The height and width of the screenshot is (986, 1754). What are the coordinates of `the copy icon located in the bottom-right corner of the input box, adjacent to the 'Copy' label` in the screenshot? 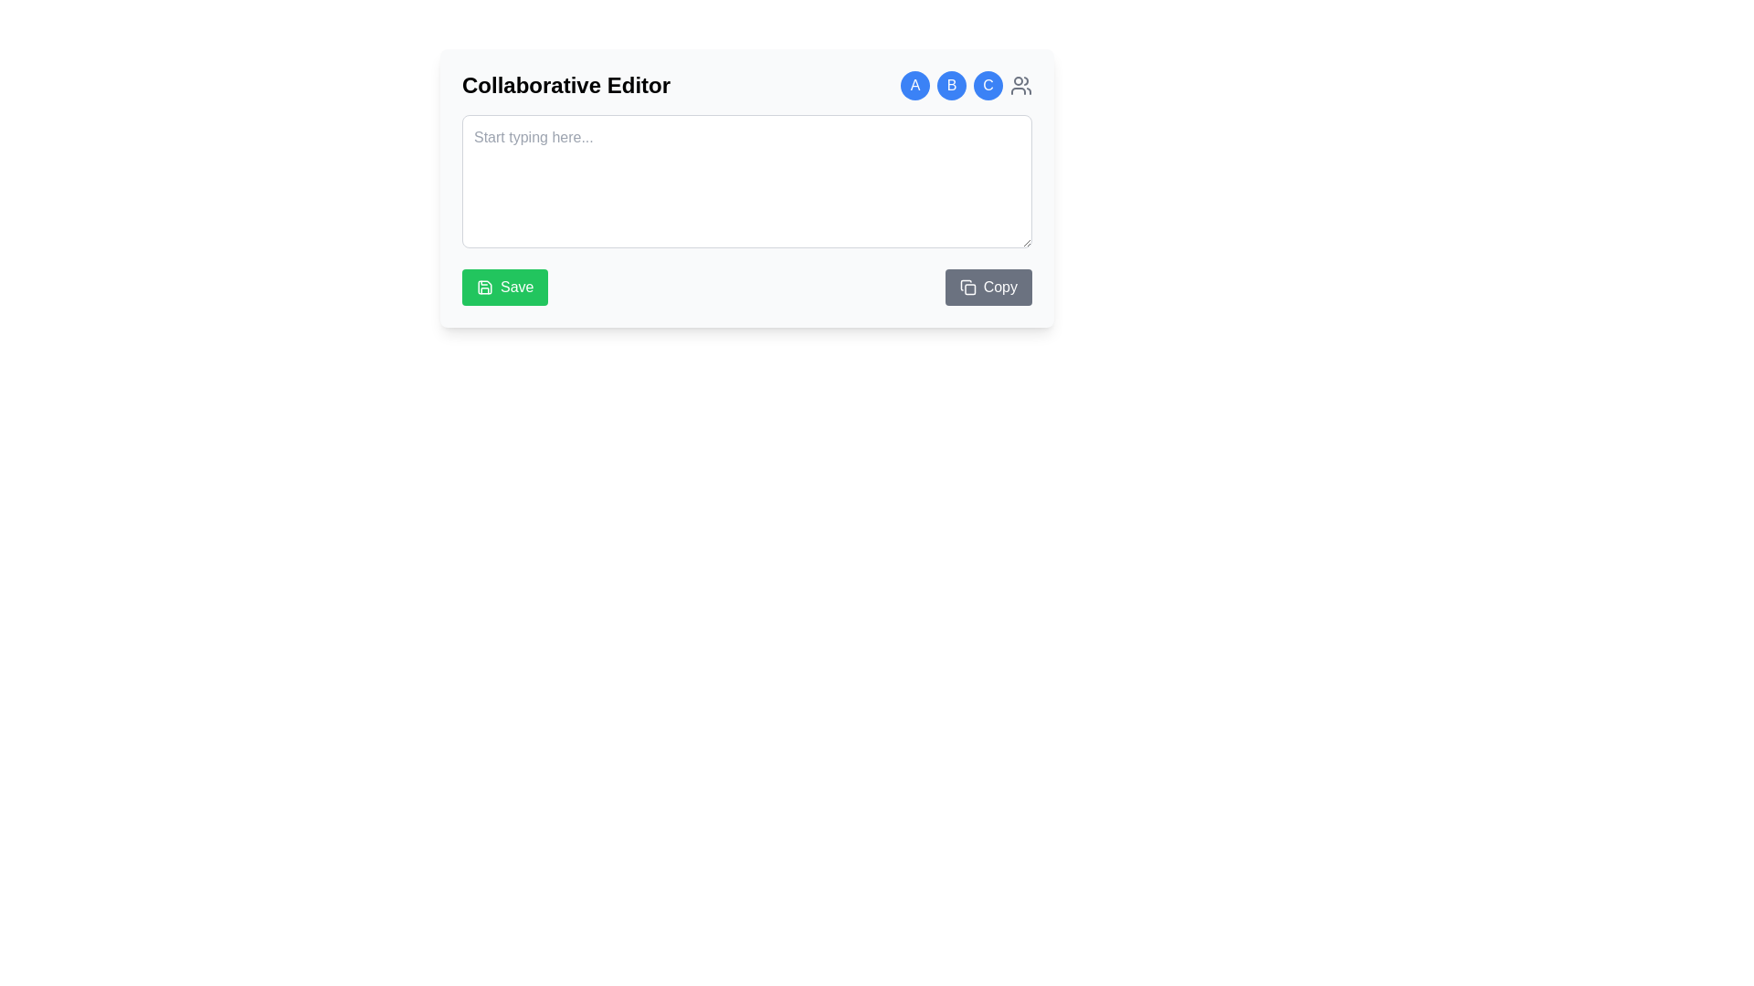 It's located at (967, 288).